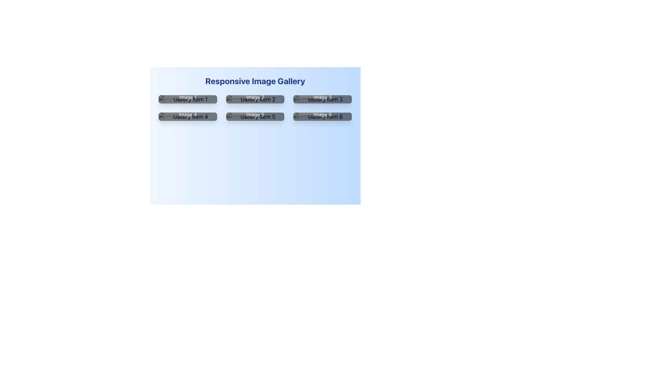 The height and width of the screenshot is (374, 665). I want to click on the image displaying the placeholder text 'Image 2' in the gallery layout, so click(255, 99).